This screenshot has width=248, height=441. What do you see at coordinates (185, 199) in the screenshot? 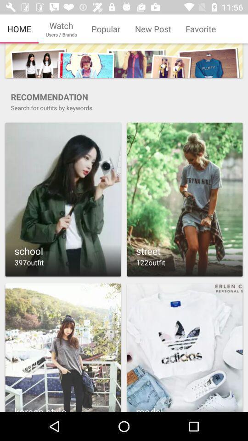
I see `the 2nd image on the top right corner of the web page` at bounding box center [185, 199].